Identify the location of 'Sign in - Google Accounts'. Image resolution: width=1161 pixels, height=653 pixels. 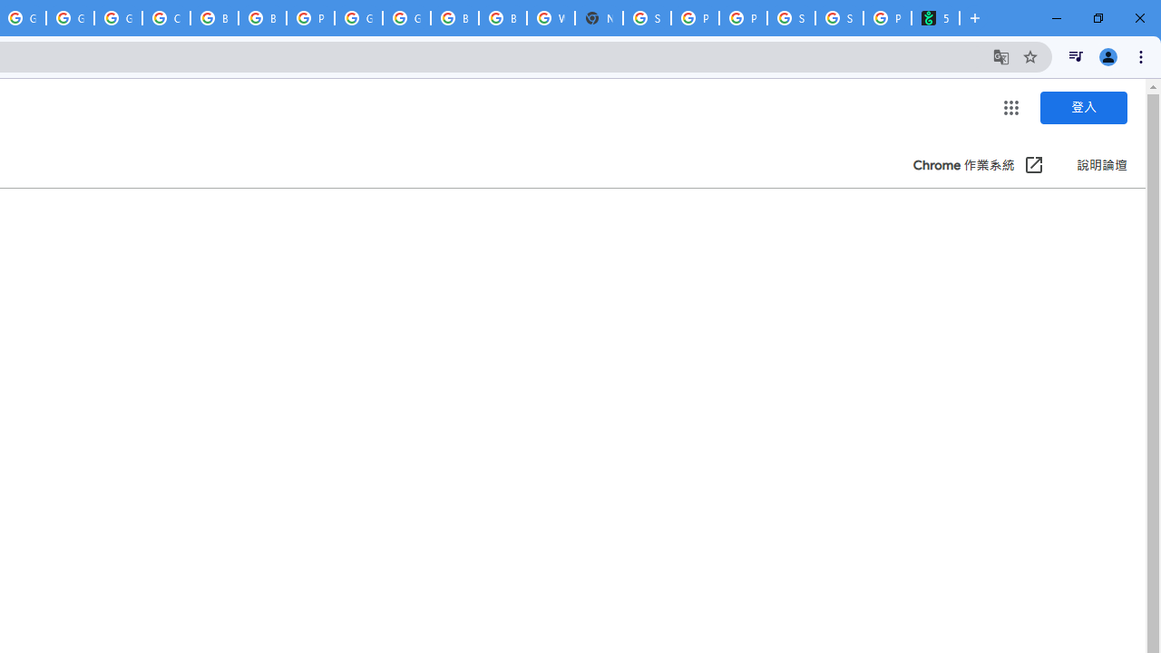
(647, 18).